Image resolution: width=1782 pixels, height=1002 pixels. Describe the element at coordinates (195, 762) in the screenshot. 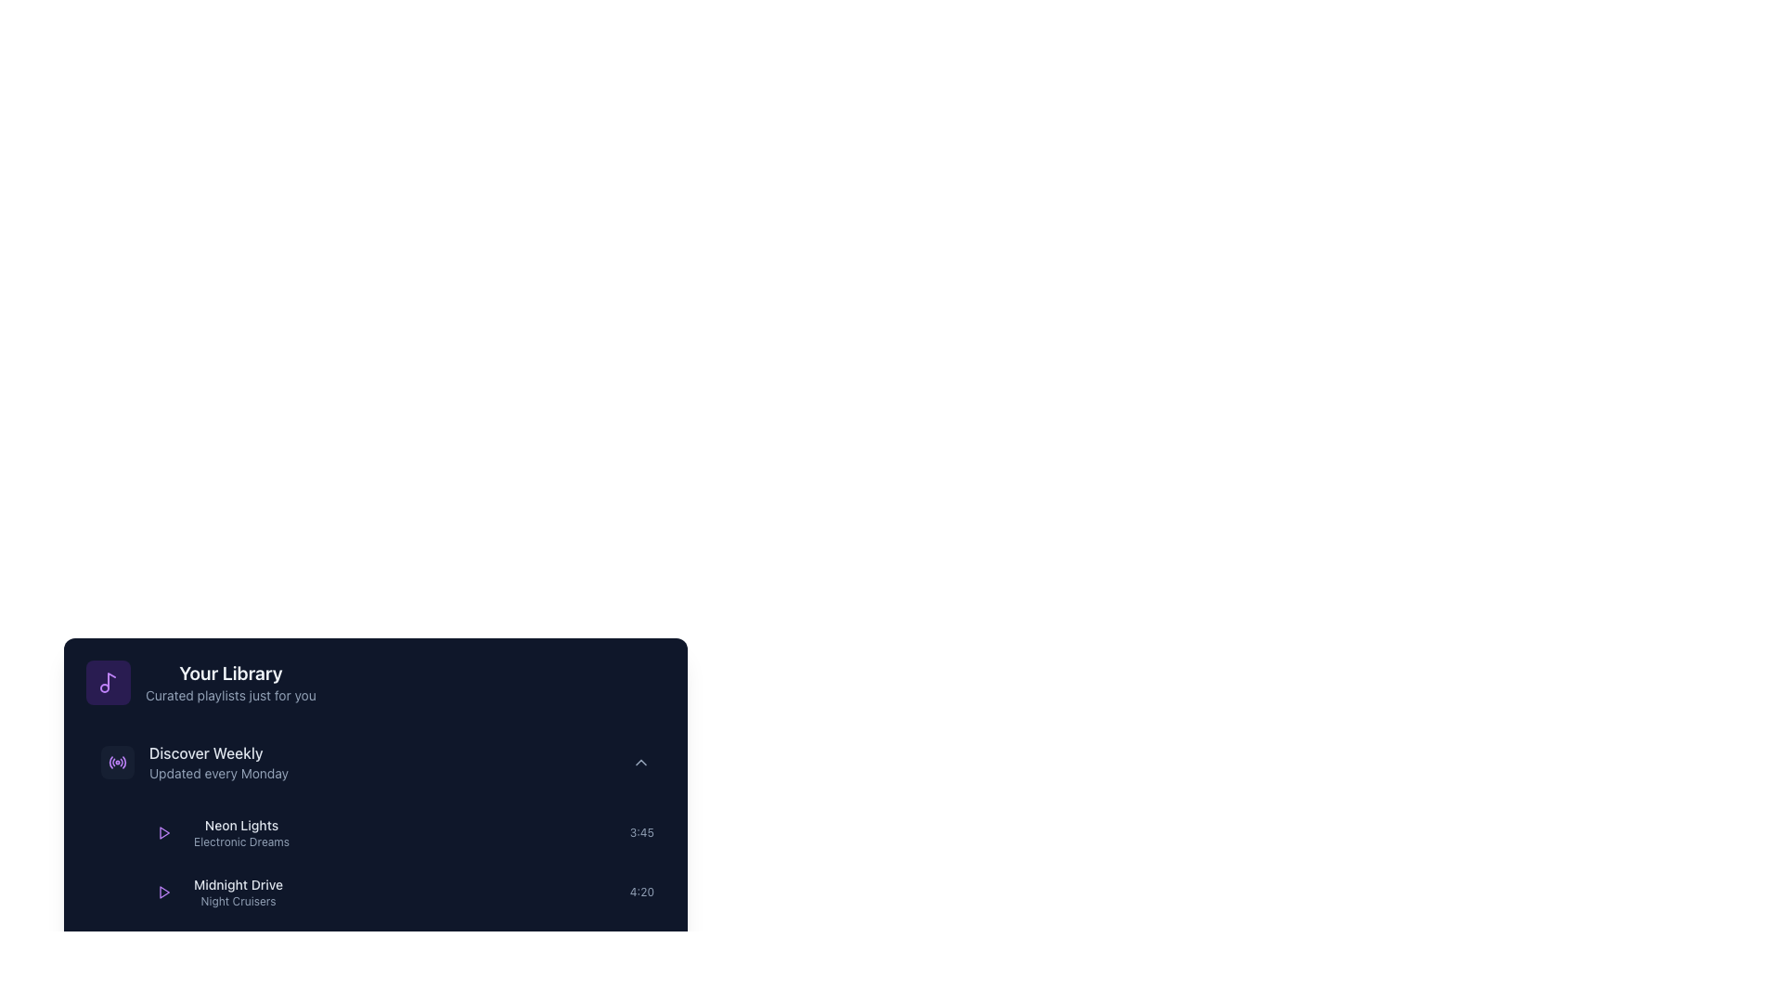

I see `the 'Discover Weekly' playlist item, which features a bold slate-white title and a purple radio signal icon` at that location.